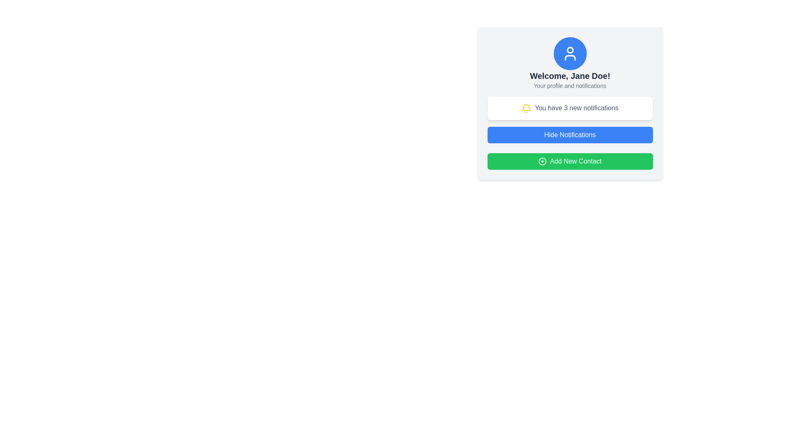 This screenshot has width=794, height=446. Describe the element at coordinates (569, 76) in the screenshot. I see `the static text display that shows 'Welcome, Jane Doe!' in bold, dark gray font, positioned below the user avatar and above the smaller text element` at that location.